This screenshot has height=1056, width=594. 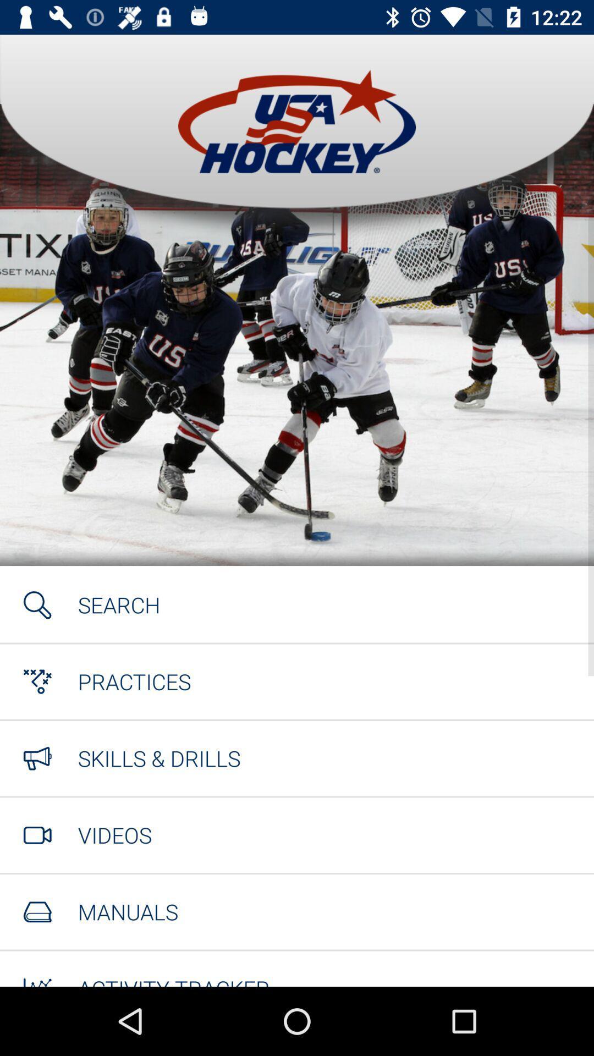 What do you see at coordinates (159, 757) in the screenshot?
I see `the item above videos icon` at bounding box center [159, 757].